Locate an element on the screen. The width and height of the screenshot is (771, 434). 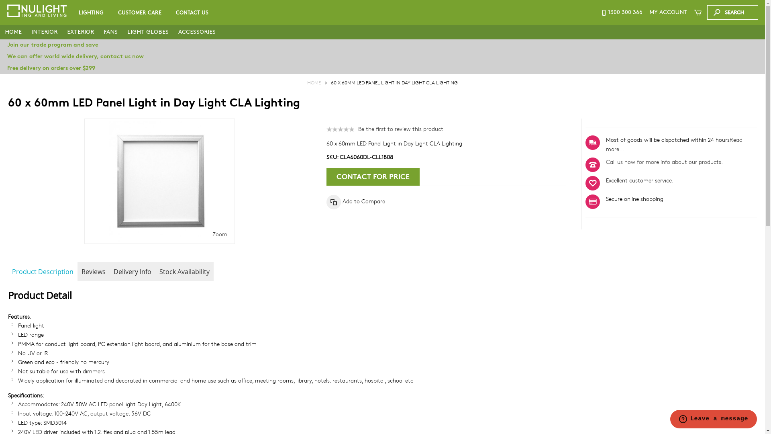
'Reviews' is located at coordinates (94, 271).